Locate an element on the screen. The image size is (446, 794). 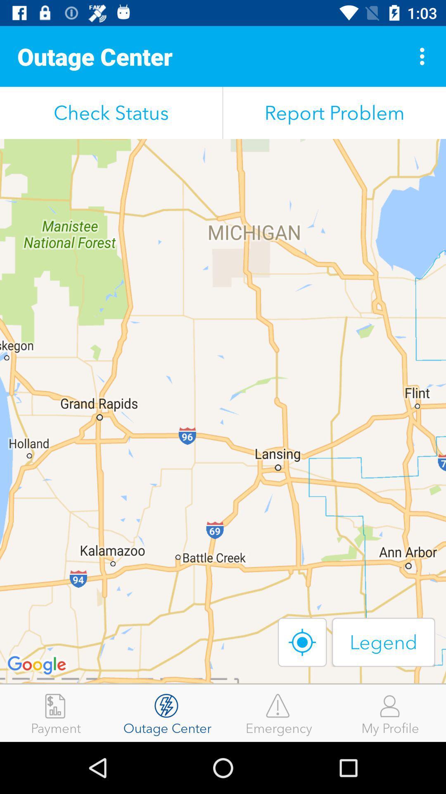
my profile option is located at coordinates (390, 713).